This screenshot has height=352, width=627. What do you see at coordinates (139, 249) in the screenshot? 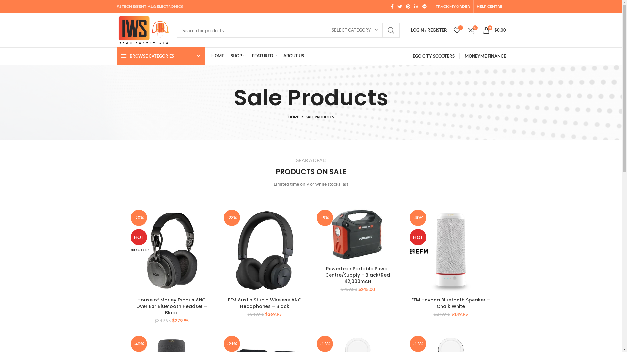
I see `'marley'` at bounding box center [139, 249].